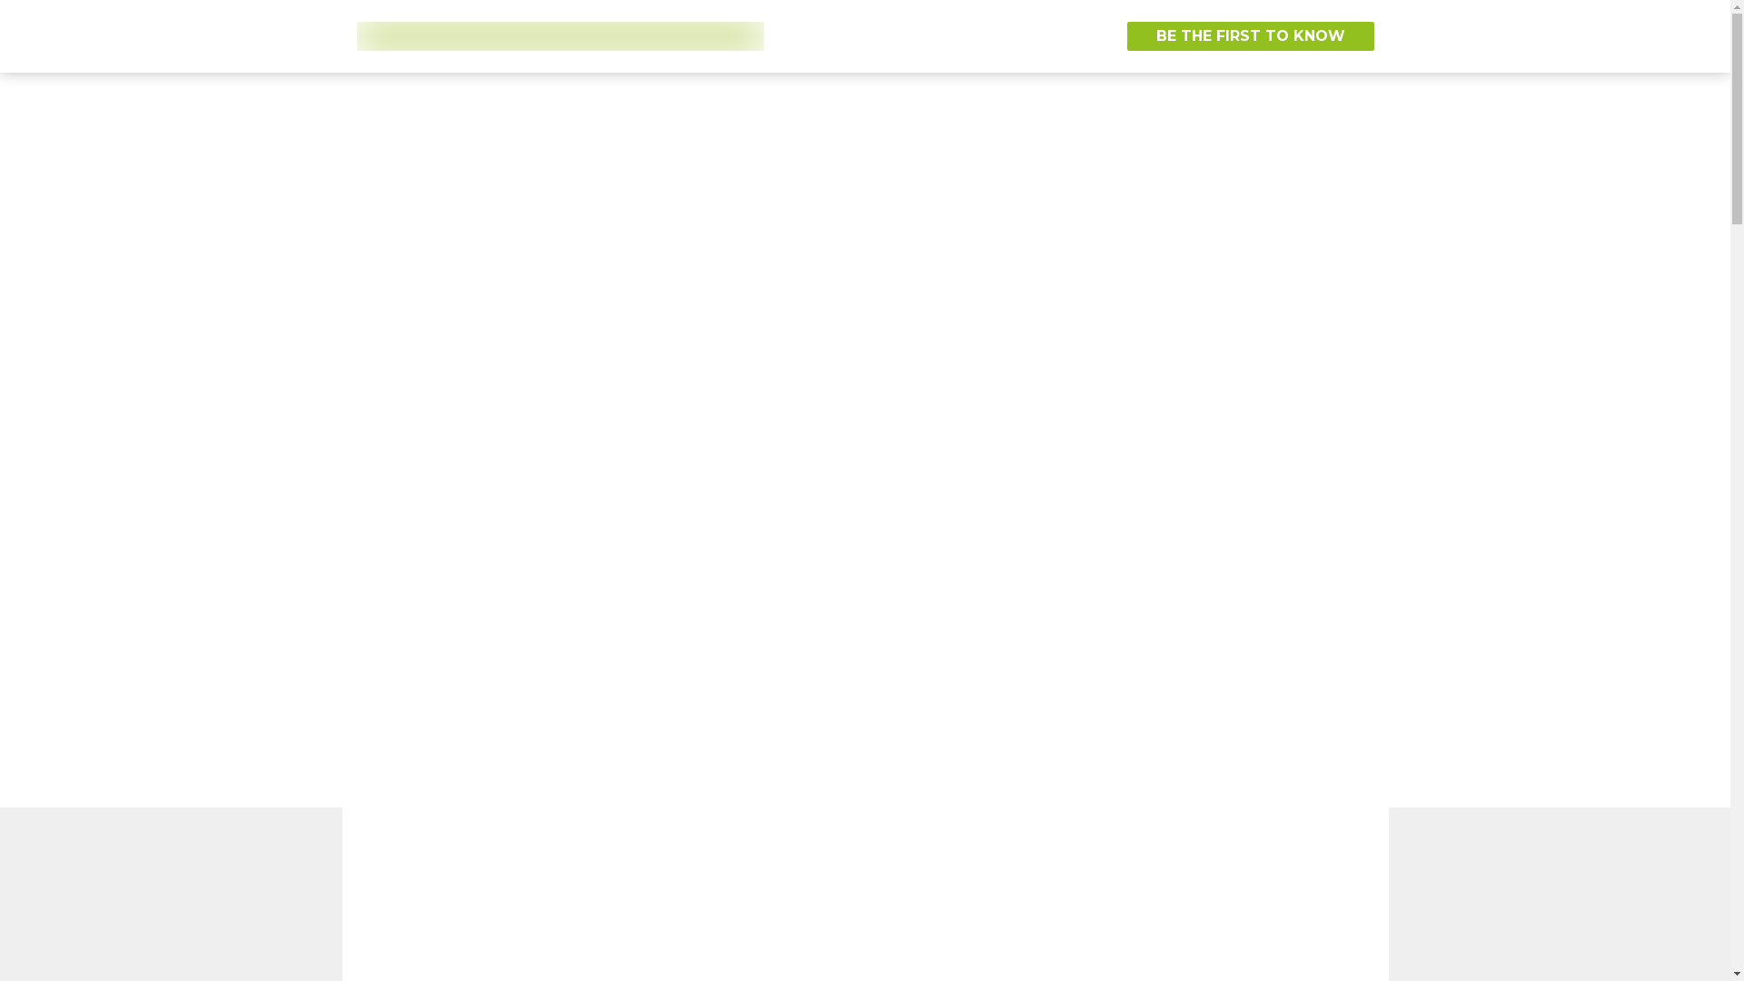 This screenshot has height=981, width=1744. Describe the element at coordinates (1249, 35) in the screenshot. I see `'BE THE FIRST TO KNOW'` at that location.